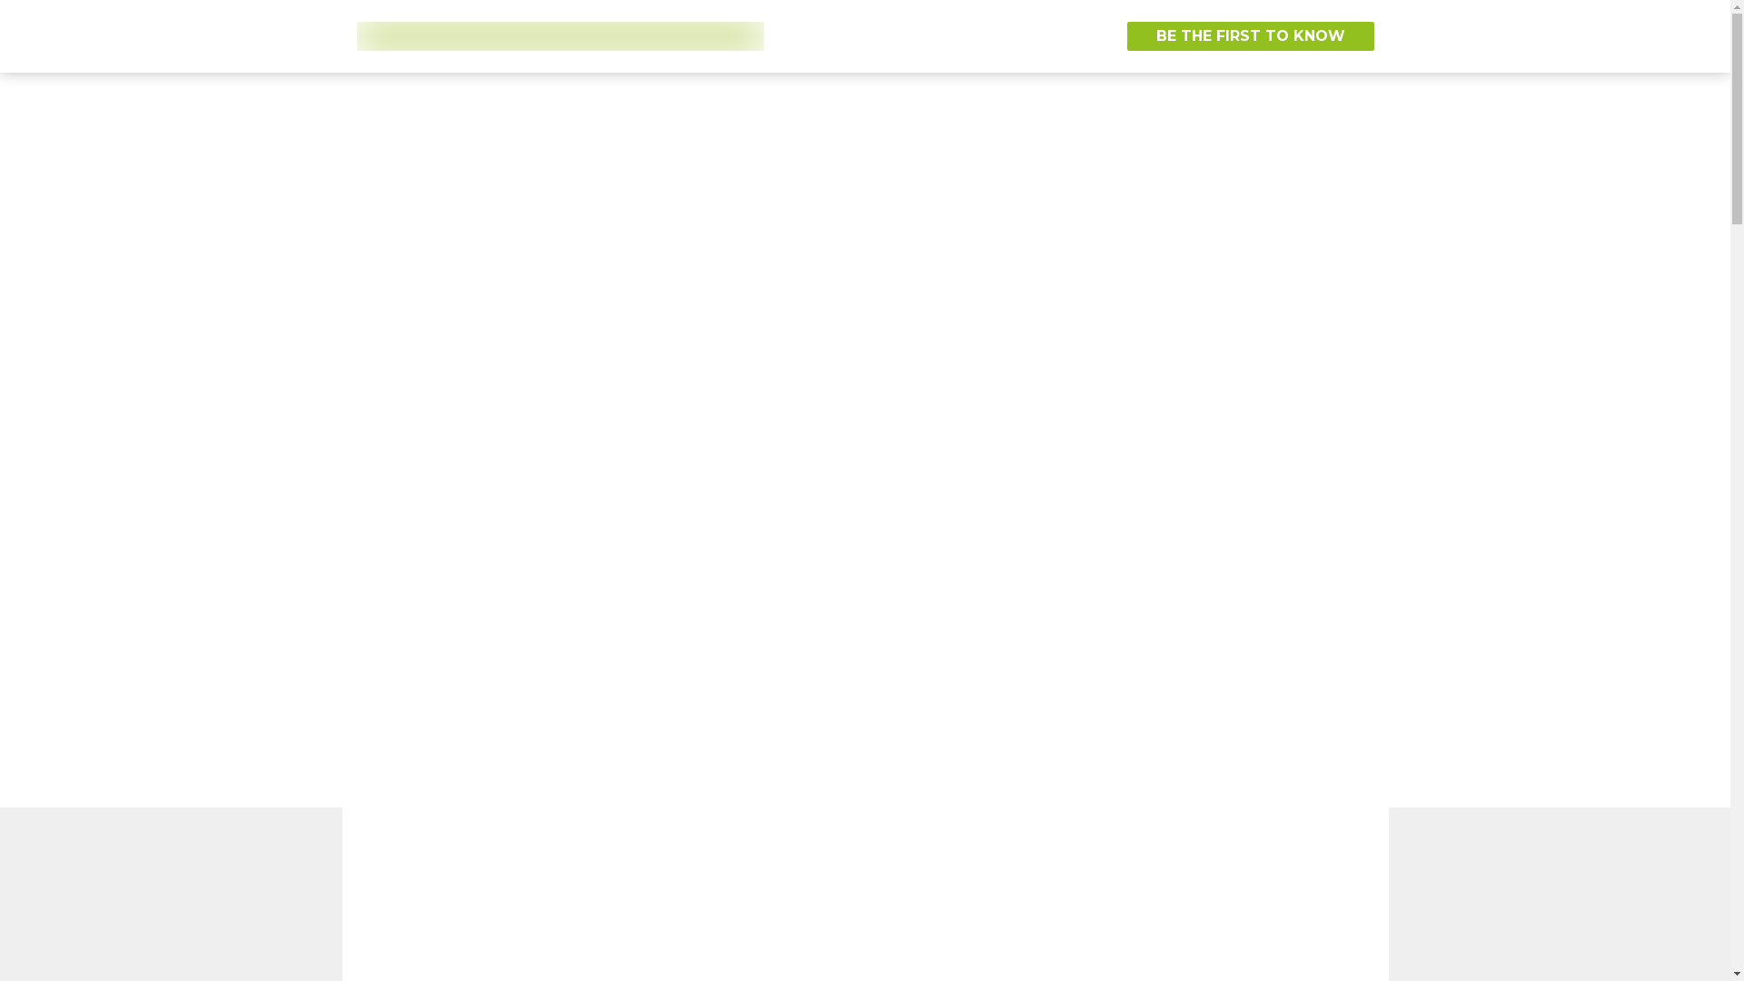 This screenshot has height=981, width=1744. Describe the element at coordinates (1249, 35) in the screenshot. I see `'BE THE FIRST TO KNOW'` at that location.